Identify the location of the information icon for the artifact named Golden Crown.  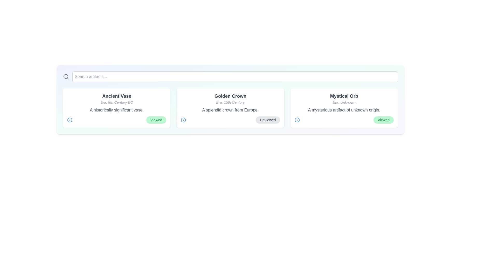
(183, 120).